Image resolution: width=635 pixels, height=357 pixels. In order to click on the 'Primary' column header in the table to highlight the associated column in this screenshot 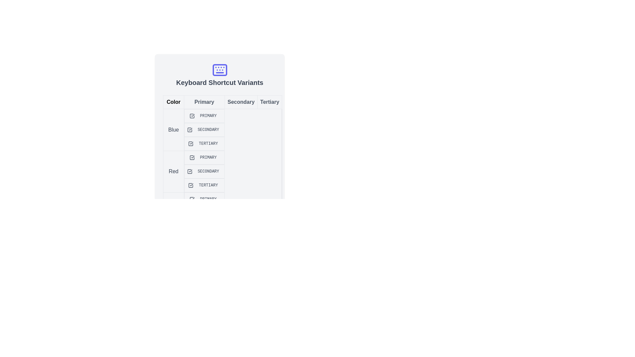, I will do `click(204, 102)`.